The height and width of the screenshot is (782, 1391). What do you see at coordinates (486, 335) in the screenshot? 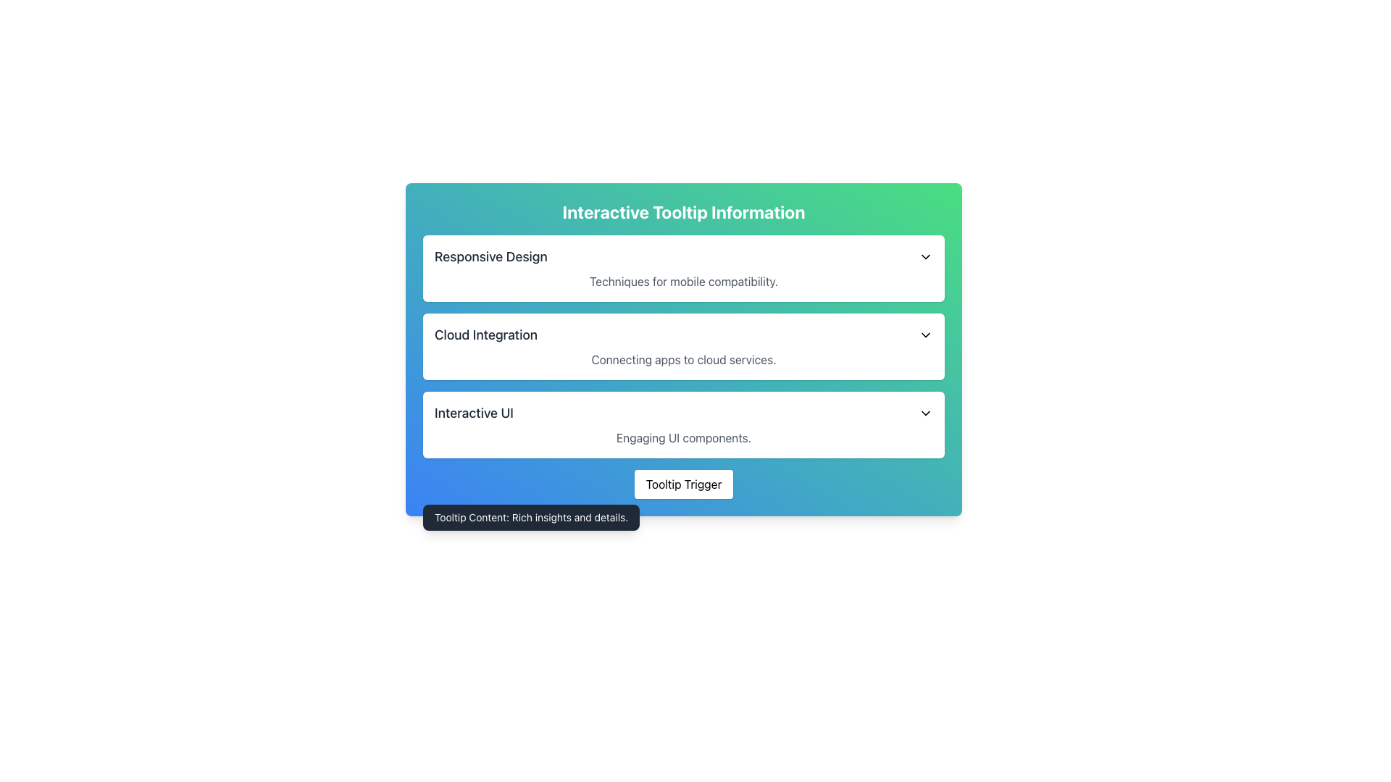
I see `the title text of the second item in the vertical list, which provides a description of the option` at bounding box center [486, 335].